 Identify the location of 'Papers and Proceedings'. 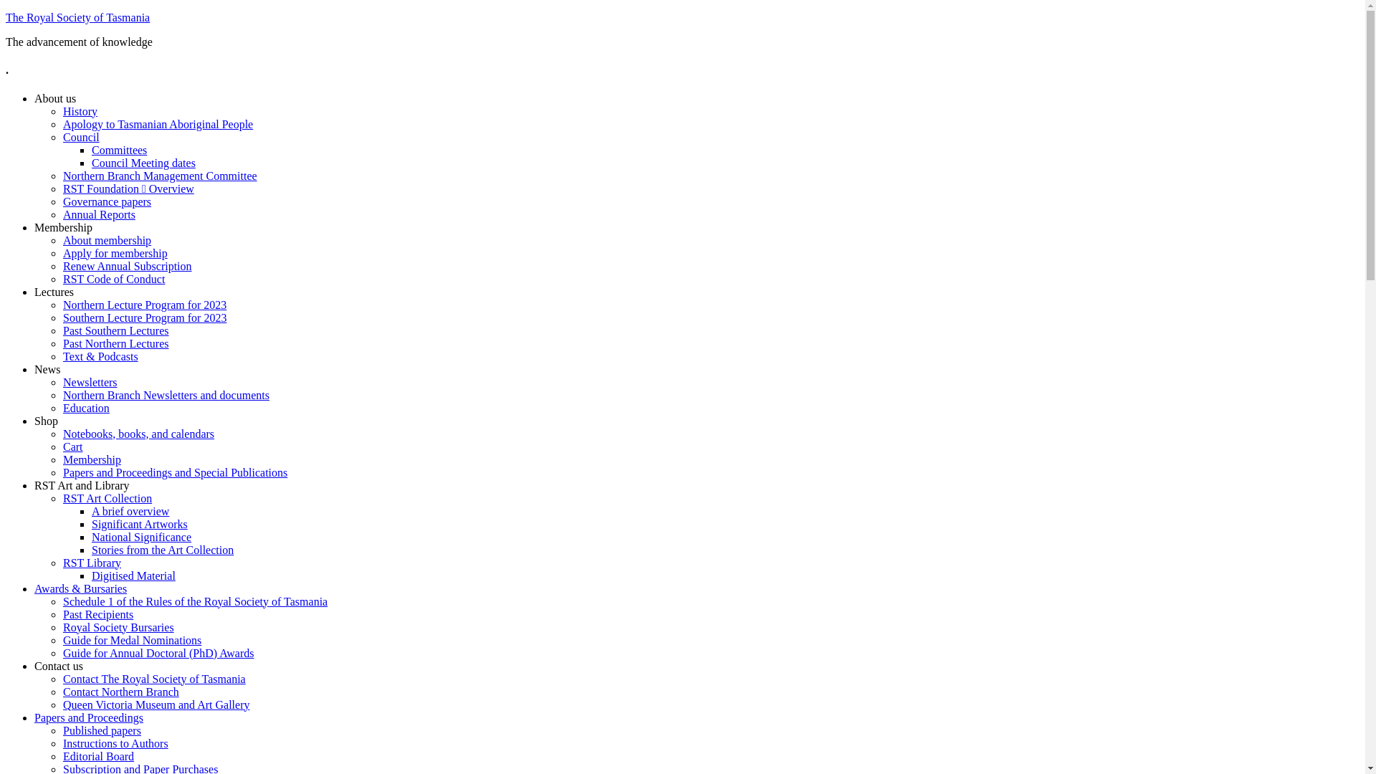
(34, 717).